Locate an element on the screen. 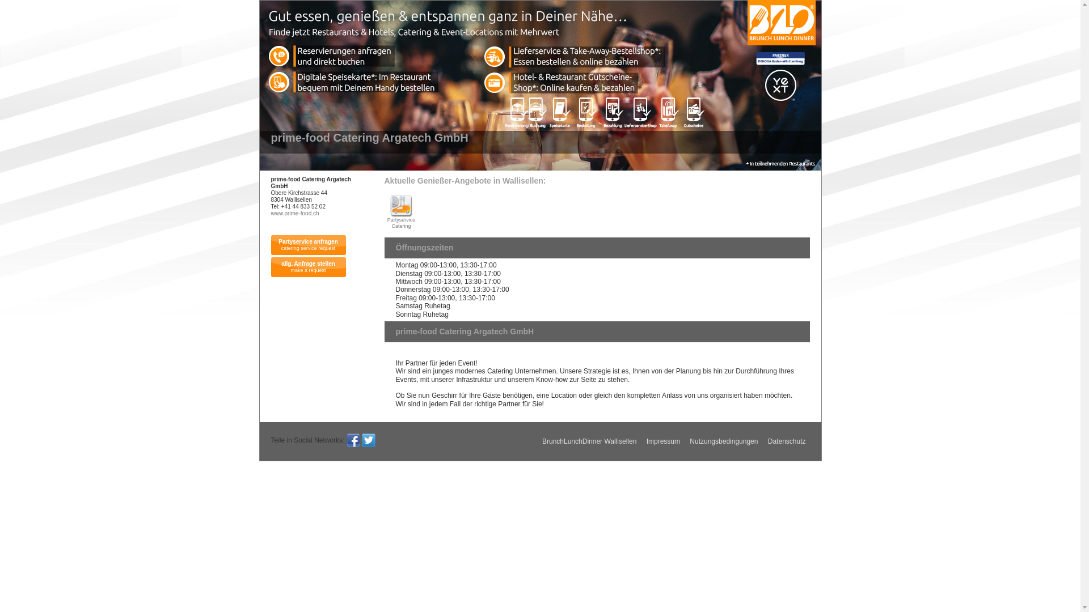 The height and width of the screenshot is (612, 1089). 'Impressum' is located at coordinates (663, 441).